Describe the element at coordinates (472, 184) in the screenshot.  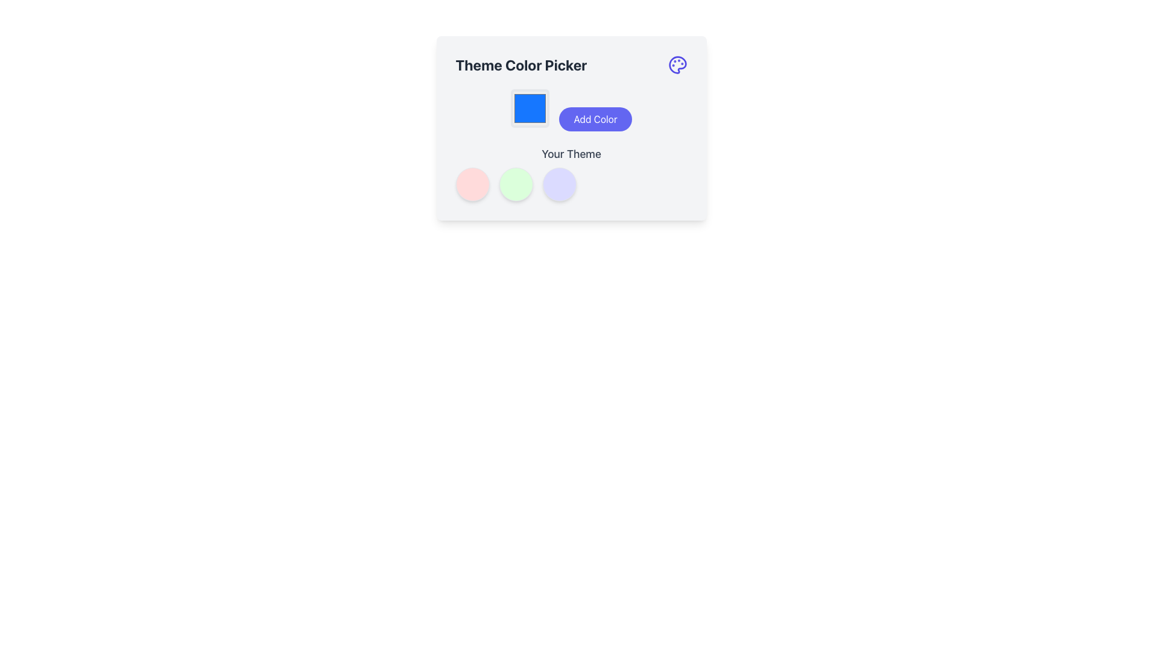
I see `the first circular decorative element with a soft pink background, located near the bottom of the 'Your Theme' section` at that location.